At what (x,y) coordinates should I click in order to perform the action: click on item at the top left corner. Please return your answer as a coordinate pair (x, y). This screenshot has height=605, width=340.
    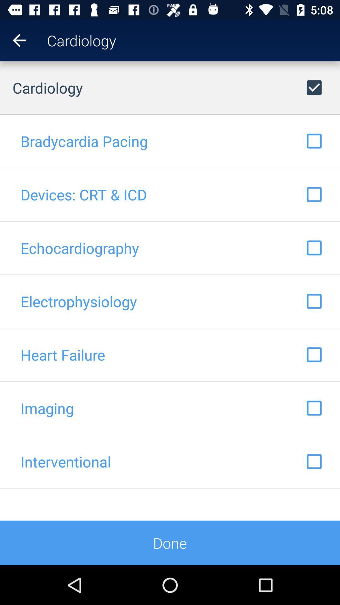
    Looking at the image, I should click on (13, 40).